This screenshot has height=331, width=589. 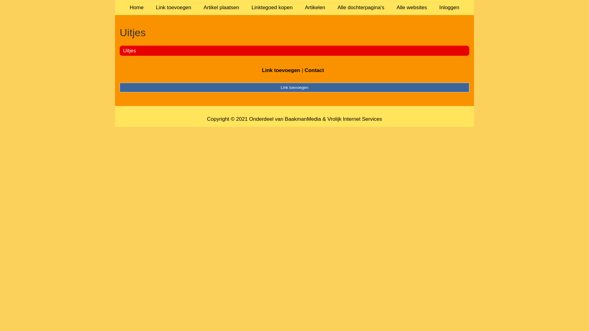 I want to click on 'Artikel plaatsen', so click(x=221, y=7).